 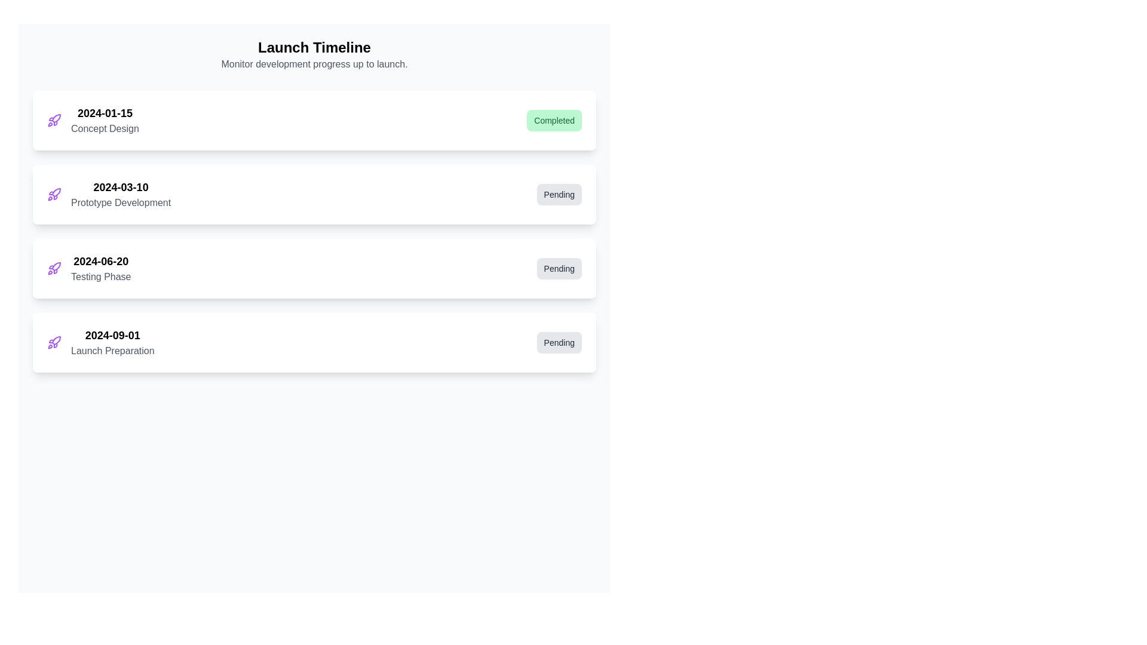 What do you see at coordinates (112, 350) in the screenshot?
I see `the descriptive text label associated with the date '2024-09-01', which details the state of 'Launch Preparation'` at bounding box center [112, 350].